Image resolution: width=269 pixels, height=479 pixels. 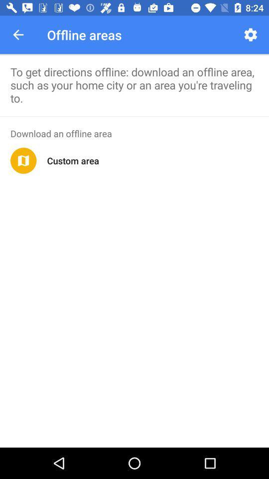 I want to click on app to the left of offline areas icon, so click(x=18, y=34).